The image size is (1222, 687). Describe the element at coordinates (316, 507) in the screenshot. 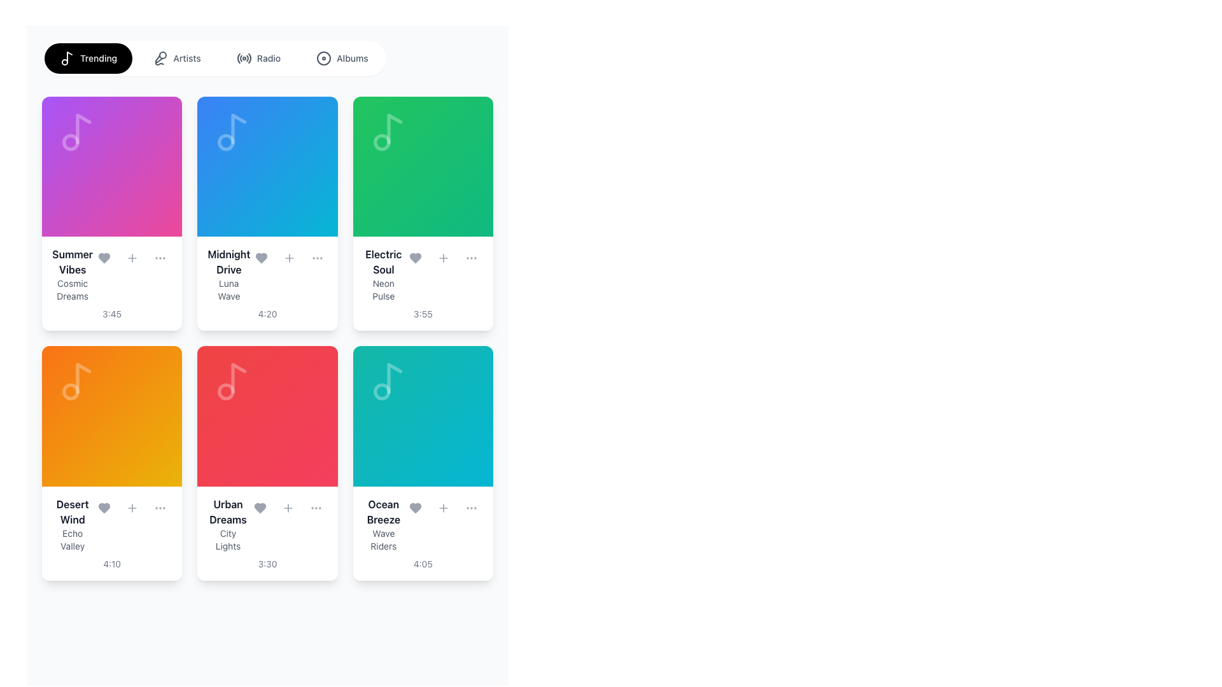

I see `the interactive circular button with a menu icon` at that location.